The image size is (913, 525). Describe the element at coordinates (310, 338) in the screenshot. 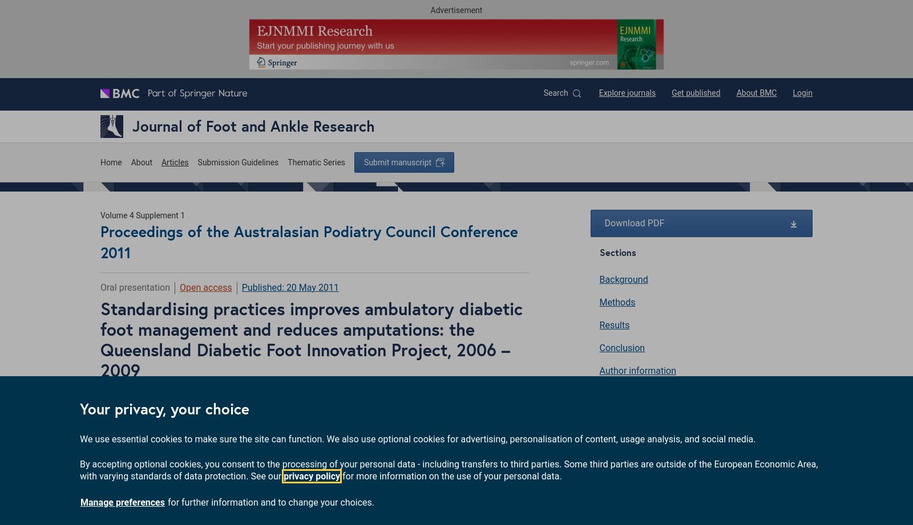

I see `'Standardising practices improves ambulatory diabetic foot management and reduces amputations: the Queensland Diabetic Foot Innovation Project, 2006 – 2009'` at that location.